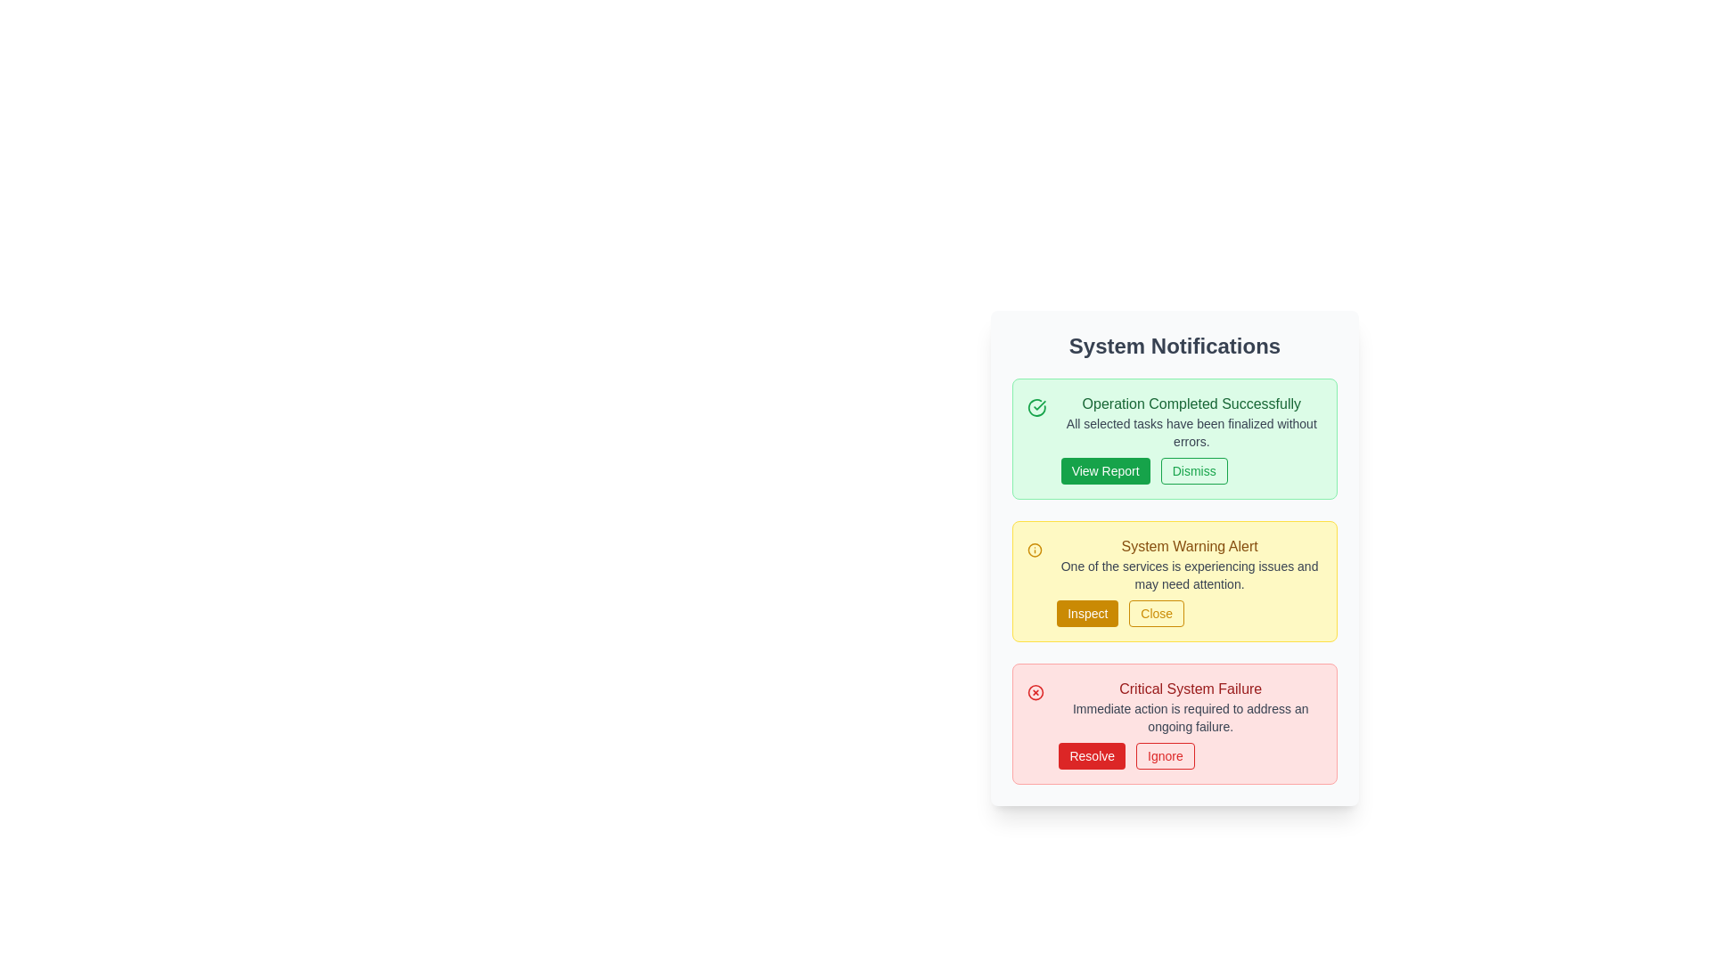  I want to click on static text that says 'All selected tasks have been finalized without errors.' located centrally within the green background box labeled 'Operation Completed Successfully.', so click(1191, 433).